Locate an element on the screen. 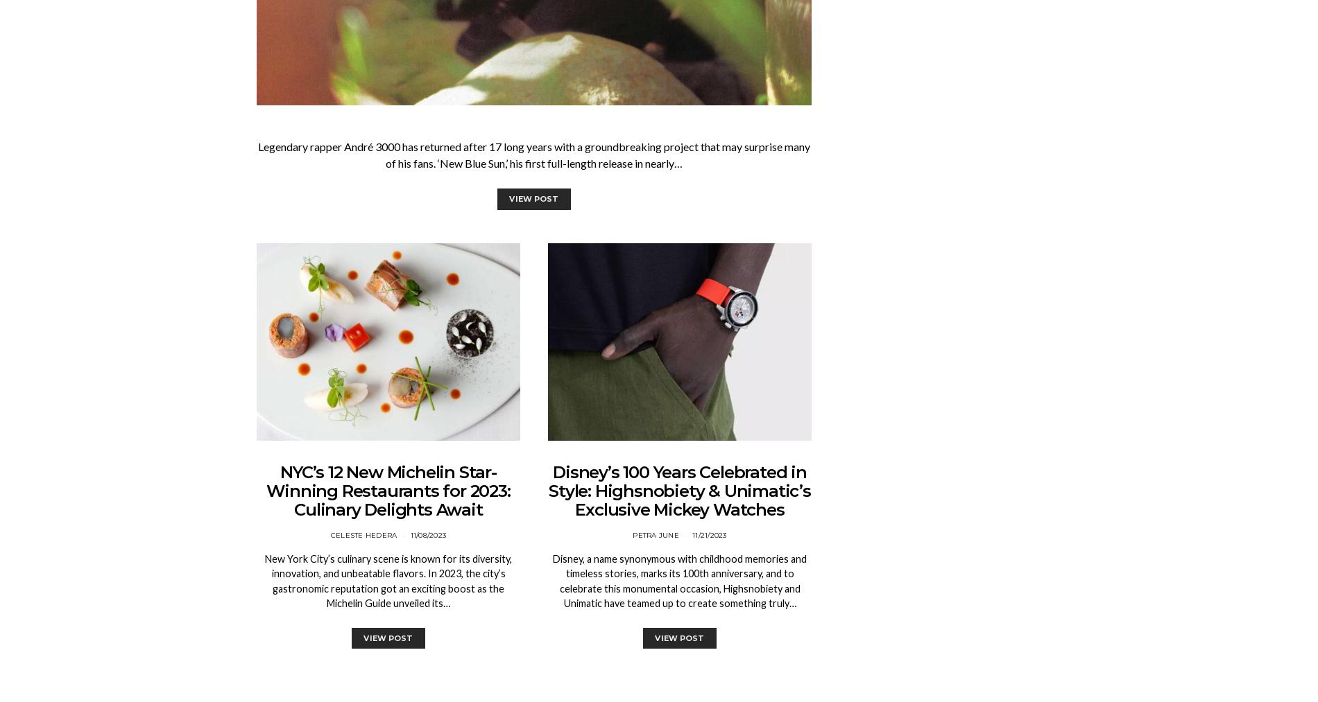  'Disney, a name synonymous with childhood memories and timeless stories, marks its 100th anniversary, and to celebrate this monumental occasion, Highsnobiety and Unimatic have teamed up to create something truly…' is located at coordinates (552, 579).